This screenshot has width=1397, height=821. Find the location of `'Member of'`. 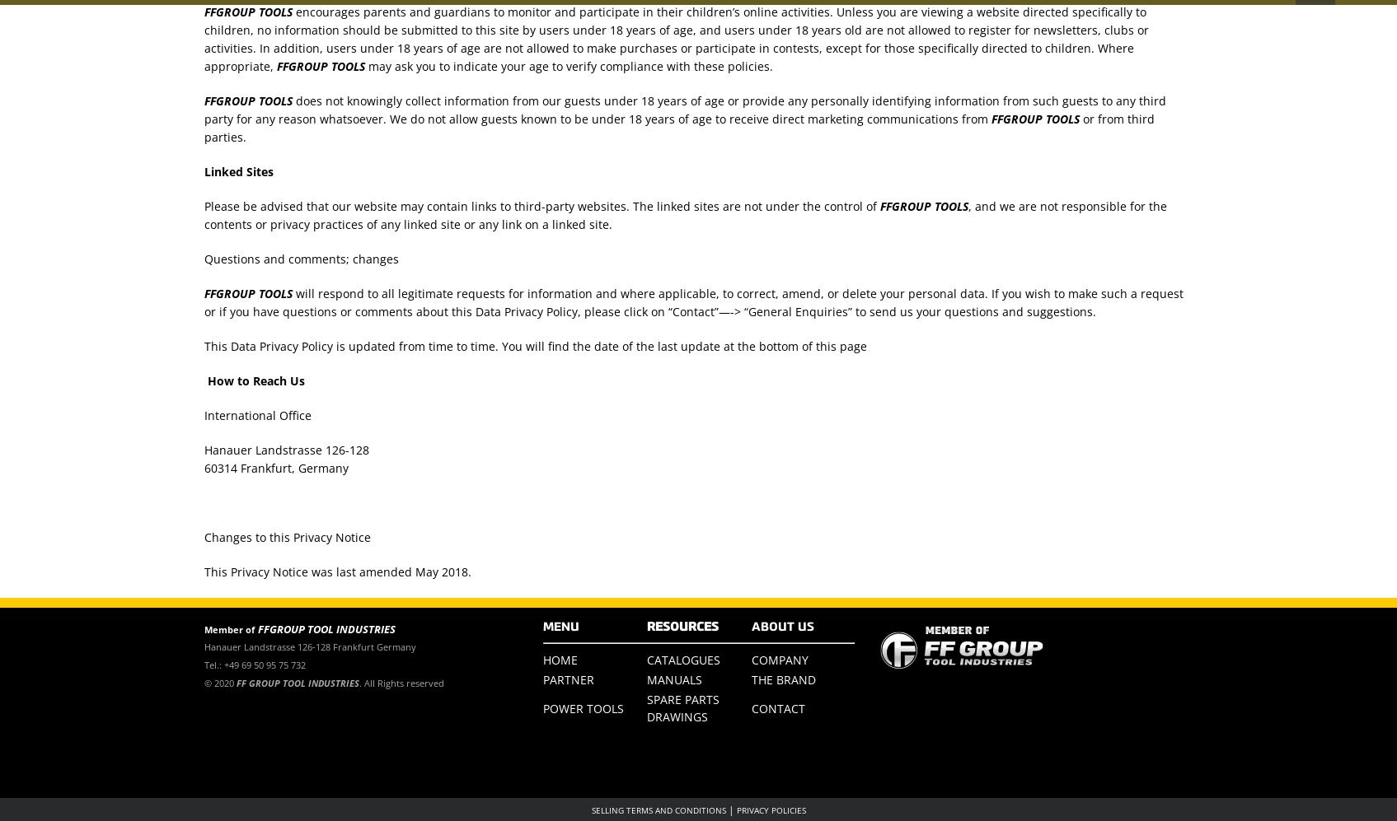

'Member of' is located at coordinates (228, 629).